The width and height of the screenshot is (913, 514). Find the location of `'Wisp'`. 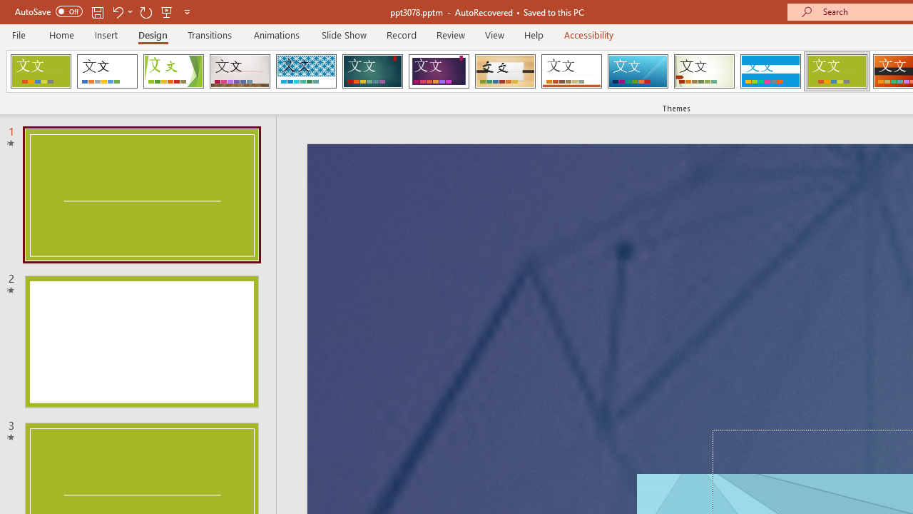

'Wisp' is located at coordinates (704, 71).